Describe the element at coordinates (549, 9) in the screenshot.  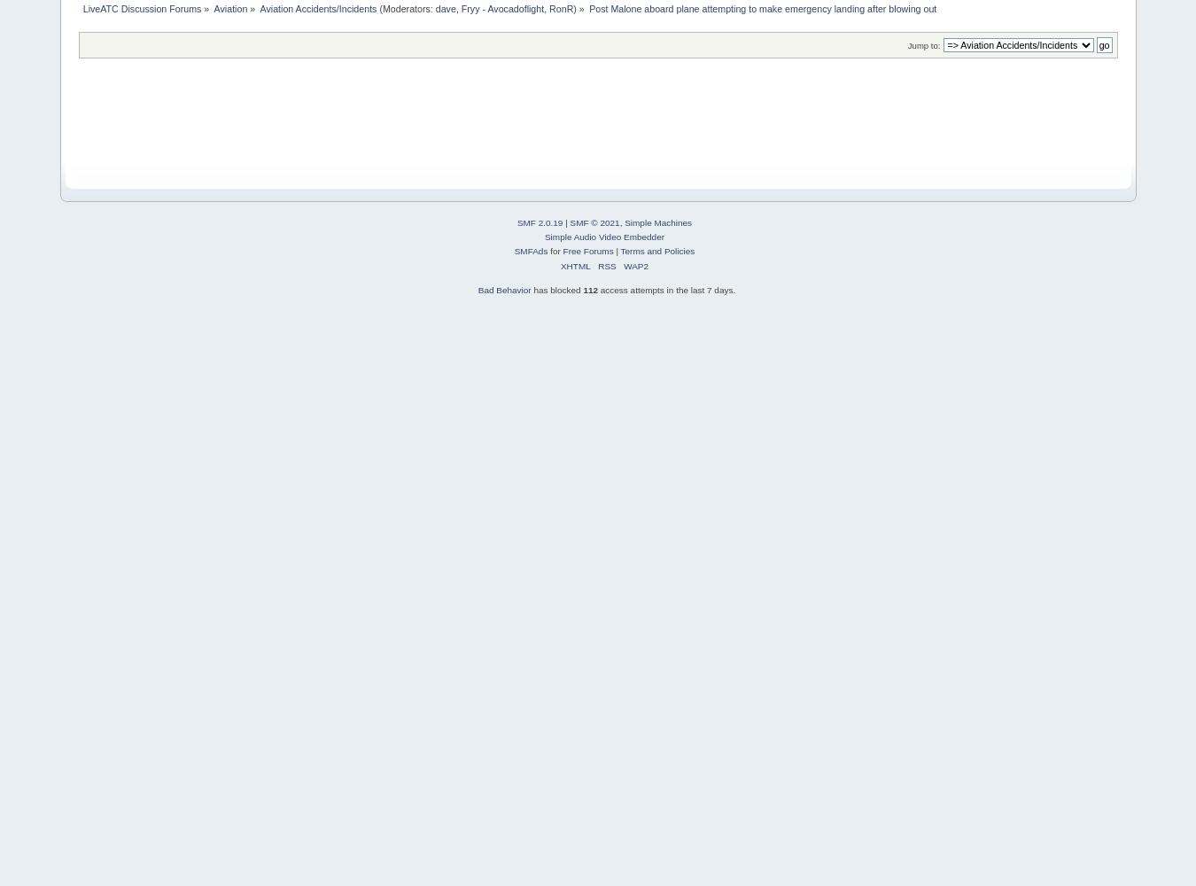
I see `'RonR'` at that location.